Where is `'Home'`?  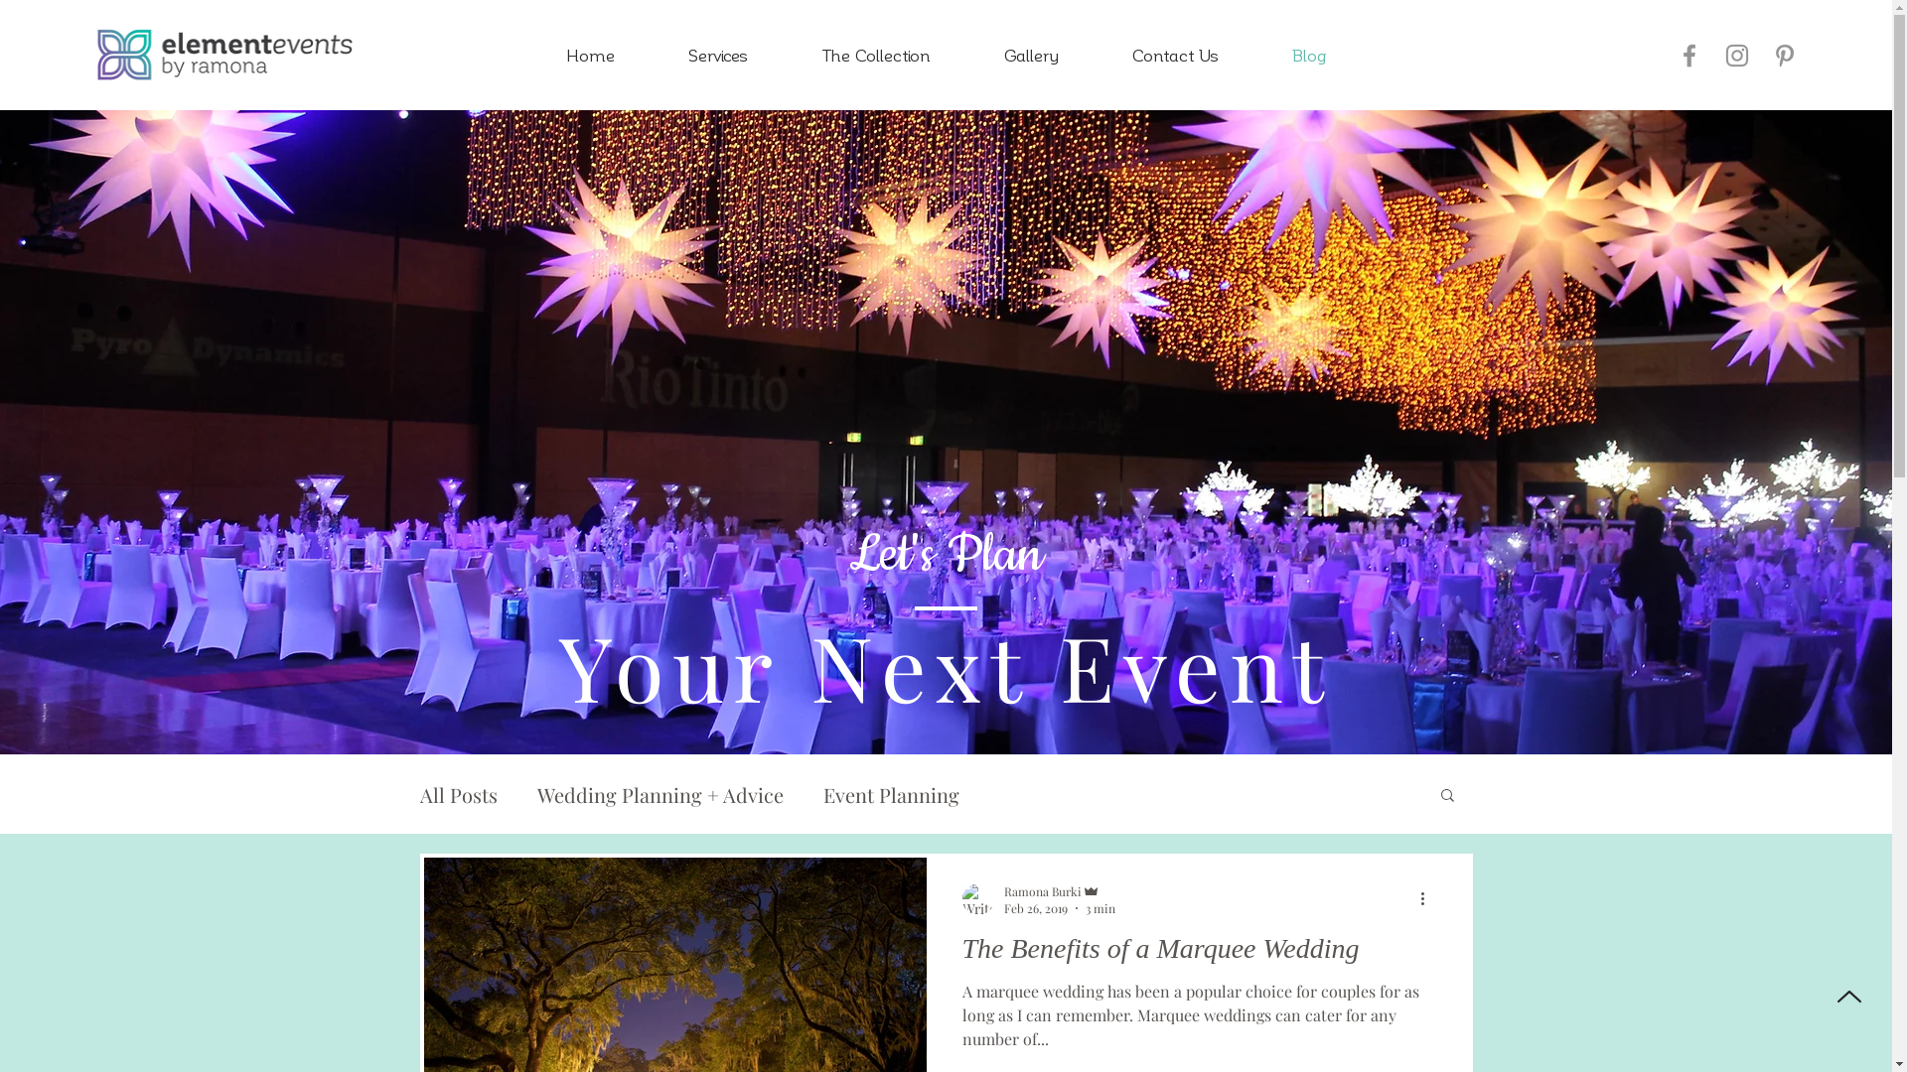 'Home' is located at coordinates (588, 53).